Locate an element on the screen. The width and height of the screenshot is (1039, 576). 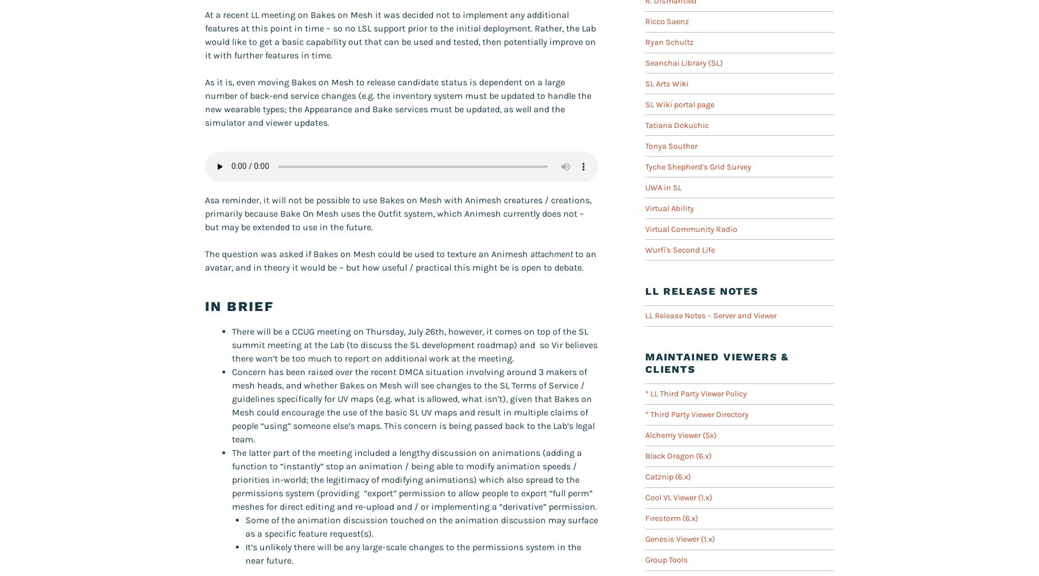
'Tonya Souther' is located at coordinates (671, 145).